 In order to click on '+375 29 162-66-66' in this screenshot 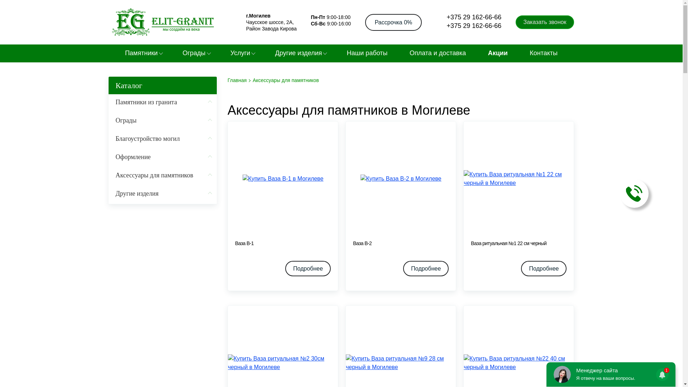, I will do `click(436, 17)`.